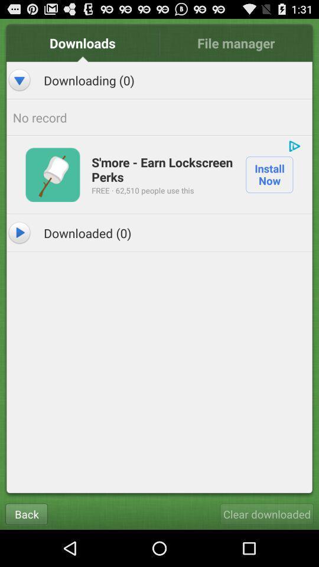 This screenshot has height=567, width=319. What do you see at coordinates (82, 43) in the screenshot?
I see `the downloads` at bounding box center [82, 43].